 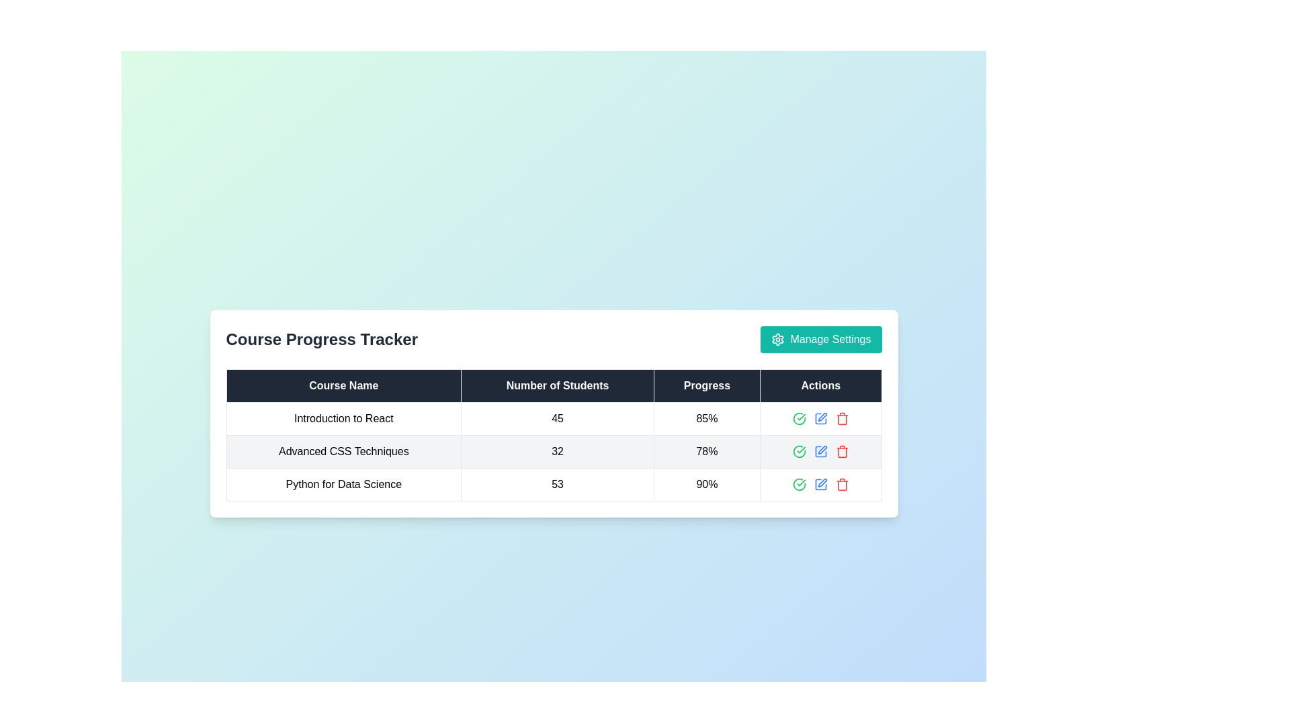 What do you see at coordinates (822, 416) in the screenshot?
I see `the pen-like icon located in the 'Actions' column of the last row in the table` at bounding box center [822, 416].